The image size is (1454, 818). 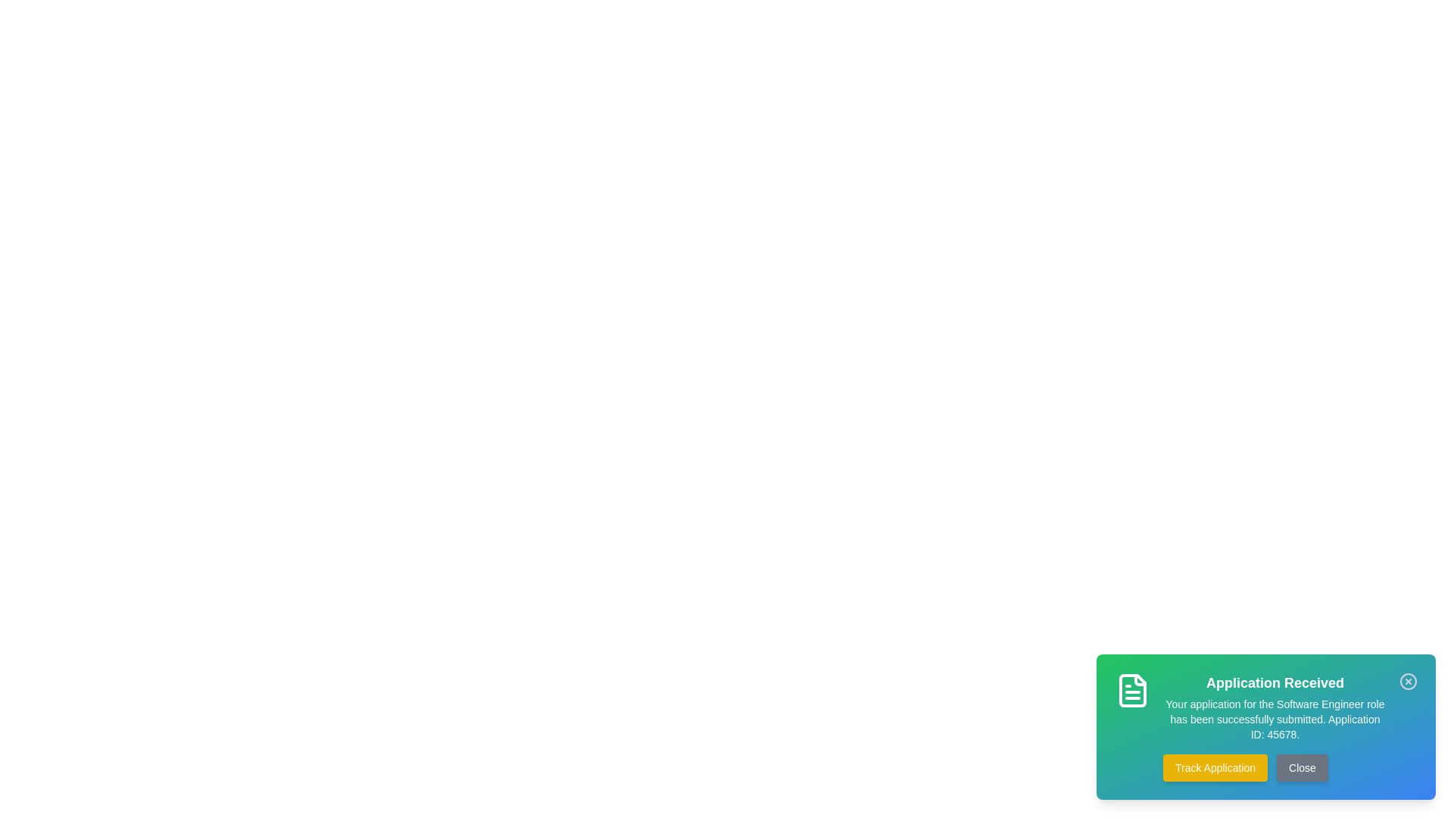 What do you see at coordinates (1215, 768) in the screenshot?
I see `the button labeled Track Application to see its hover effect` at bounding box center [1215, 768].